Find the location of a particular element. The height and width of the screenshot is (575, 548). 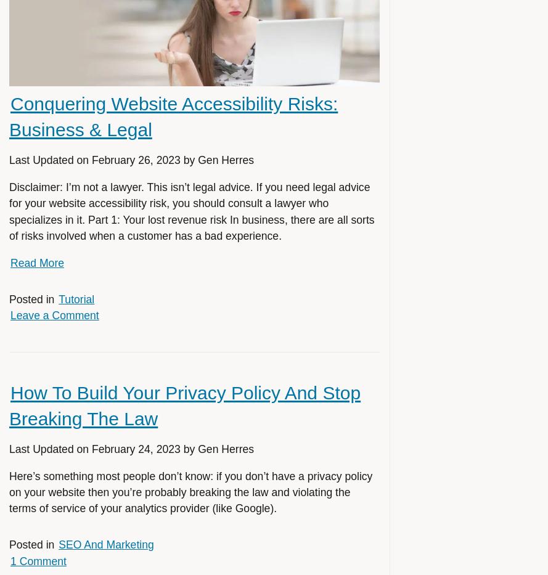

'Here’s something most people don’t know: if you don’t have a privacy policy on your website then you’re probably breaking the law and violating the terms of service of your analytics provider (like Google).' is located at coordinates (190, 492).